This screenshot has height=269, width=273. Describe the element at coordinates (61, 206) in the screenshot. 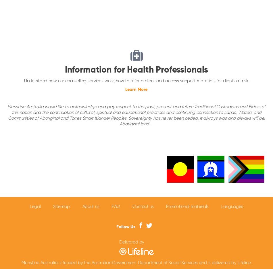

I see `'Sitemap'` at that location.